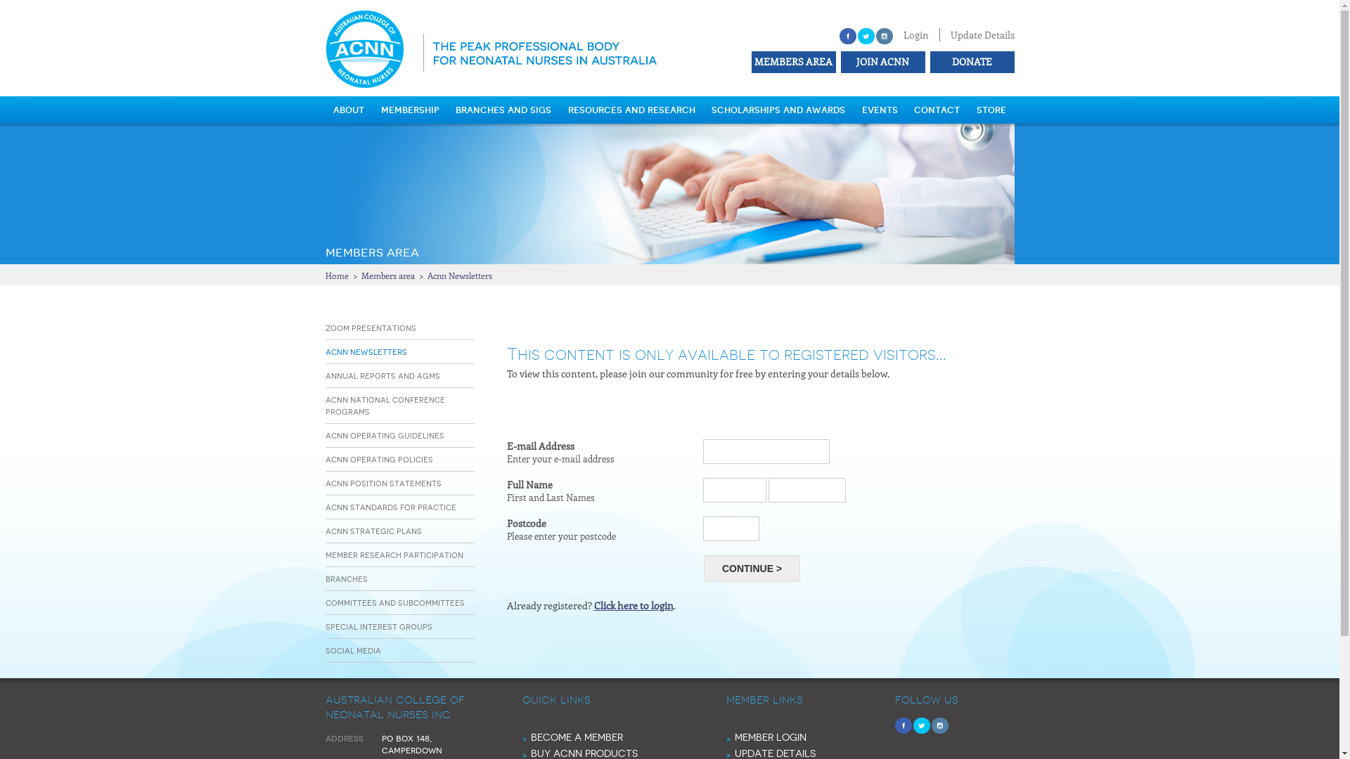 This screenshot has height=759, width=1350. Describe the element at coordinates (394, 554) in the screenshot. I see `'member research participation'` at that location.